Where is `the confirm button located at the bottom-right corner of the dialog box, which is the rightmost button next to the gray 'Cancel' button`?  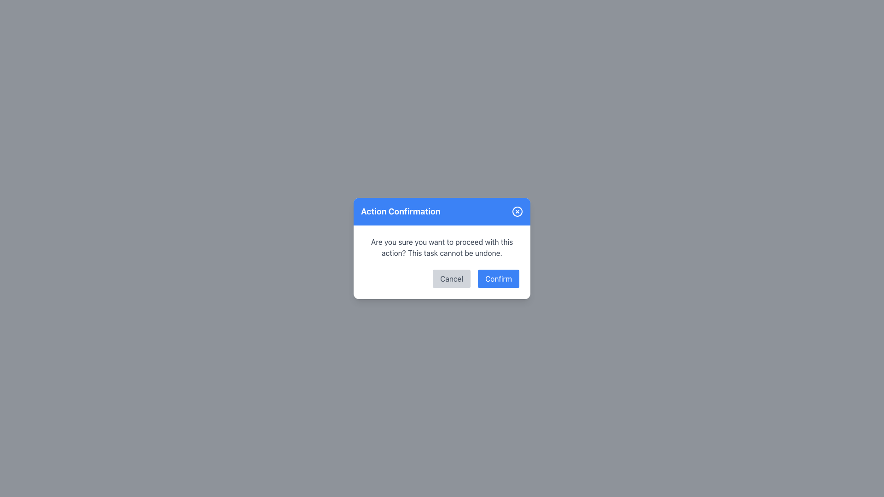
the confirm button located at the bottom-right corner of the dialog box, which is the rightmost button next to the gray 'Cancel' button is located at coordinates (498, 278).